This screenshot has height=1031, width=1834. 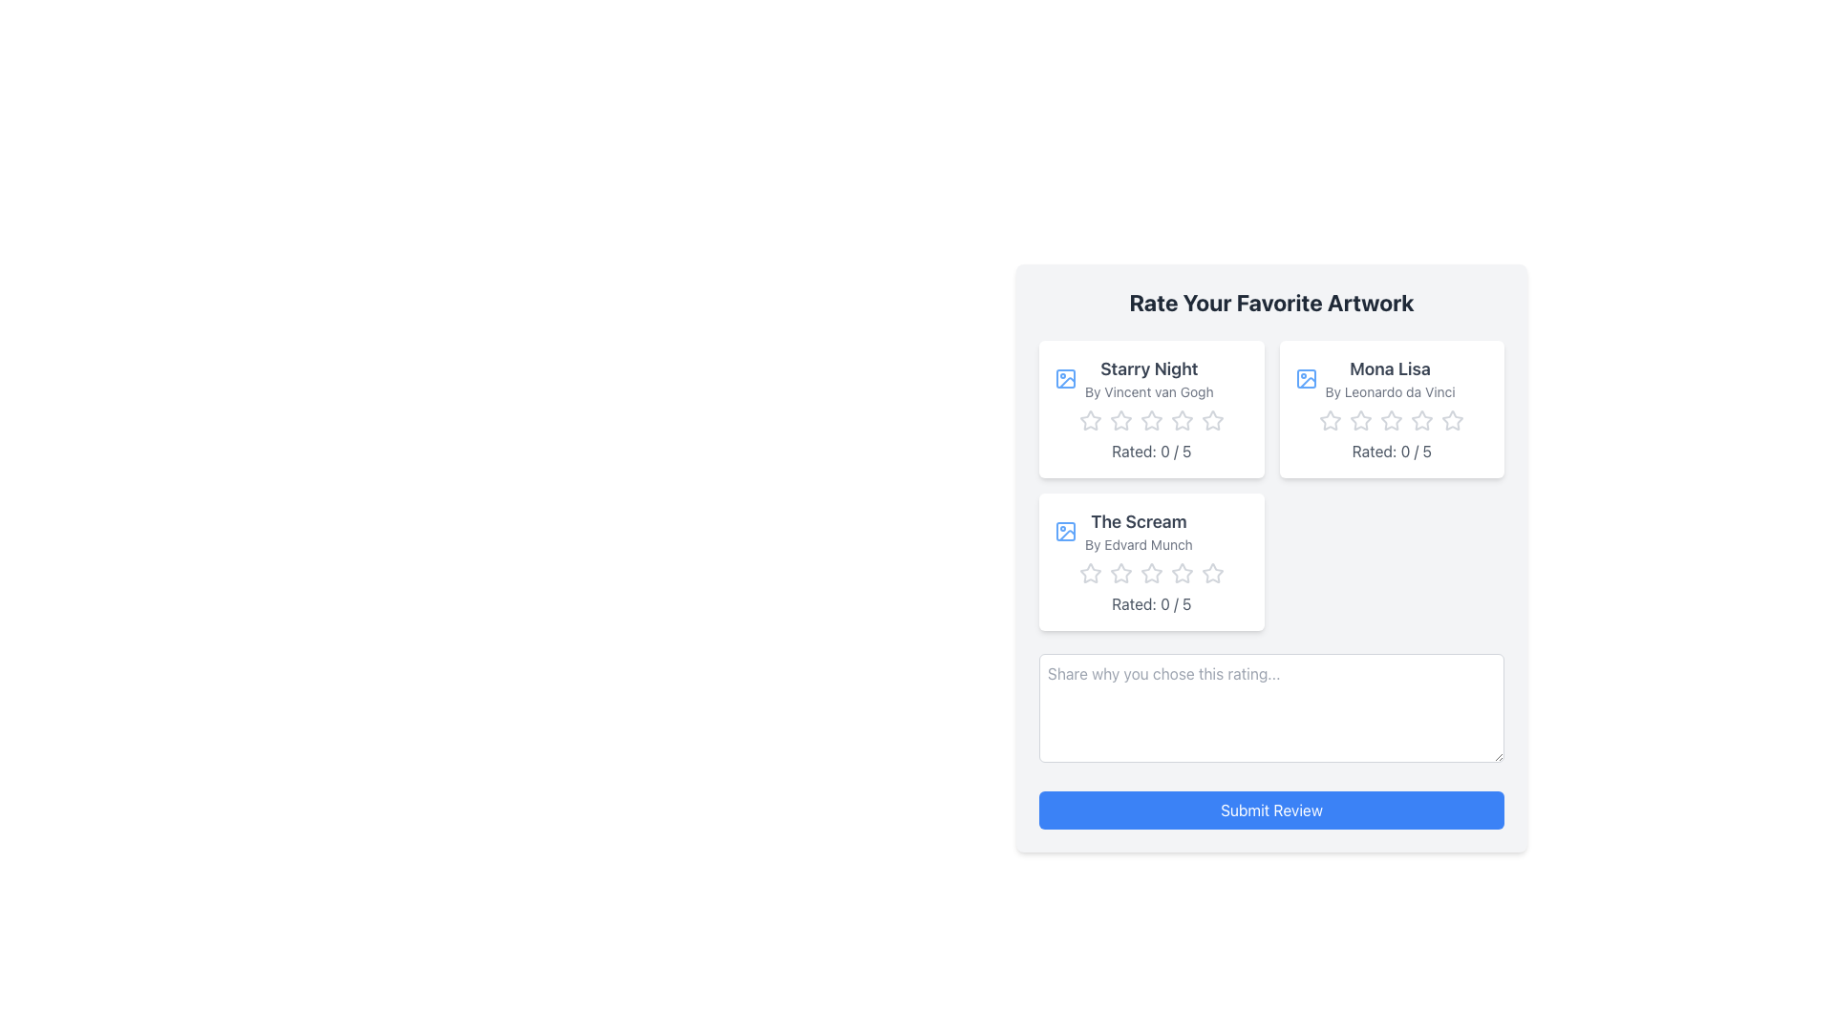 I want to click on the light blue Decorative Rectangle with rounded corners that is part of the image icon next to 'Mona Lisa' in the 'Rate Your Favorite Artwork' list, so click(x=1305, y=379).